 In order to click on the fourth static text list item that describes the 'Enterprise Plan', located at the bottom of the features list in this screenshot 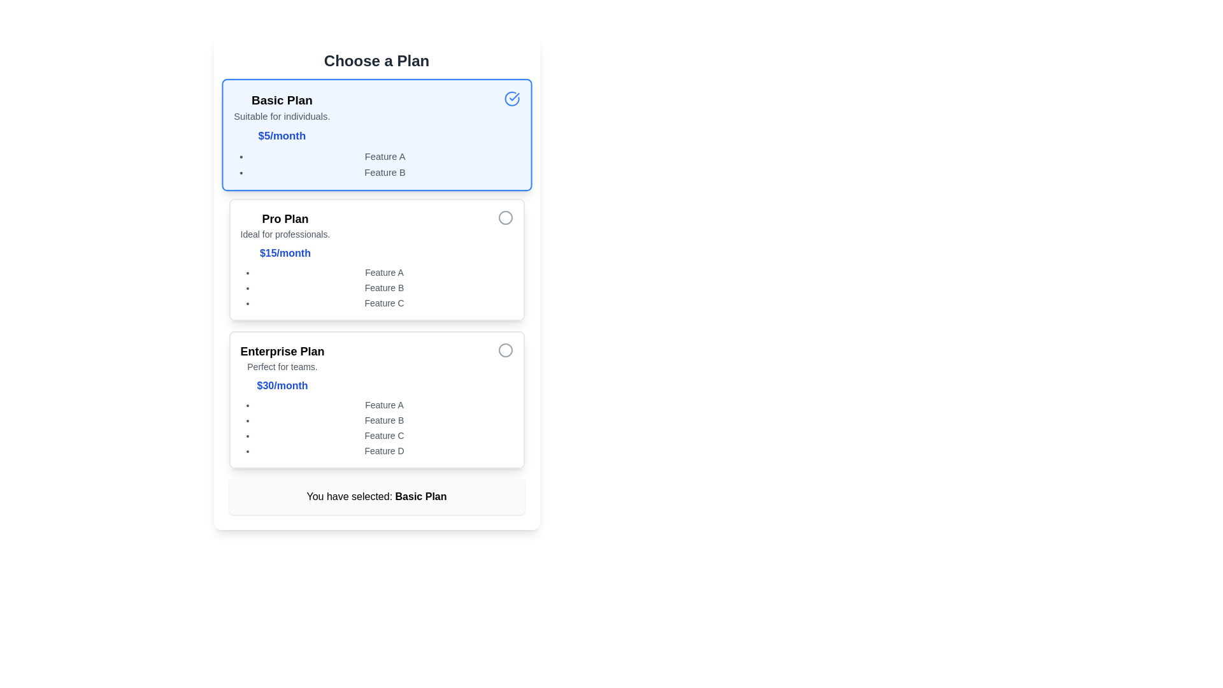, I will do `click(383, 450)`.